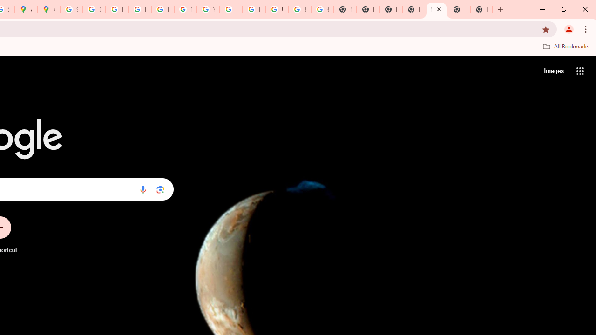 The width and height of the screenshot is (596, 335). What do you see at coordinates (139, 9) in the screenshot?
I see `'Privacy Help Center - Policies Help'` at bounding box center [139, 9].